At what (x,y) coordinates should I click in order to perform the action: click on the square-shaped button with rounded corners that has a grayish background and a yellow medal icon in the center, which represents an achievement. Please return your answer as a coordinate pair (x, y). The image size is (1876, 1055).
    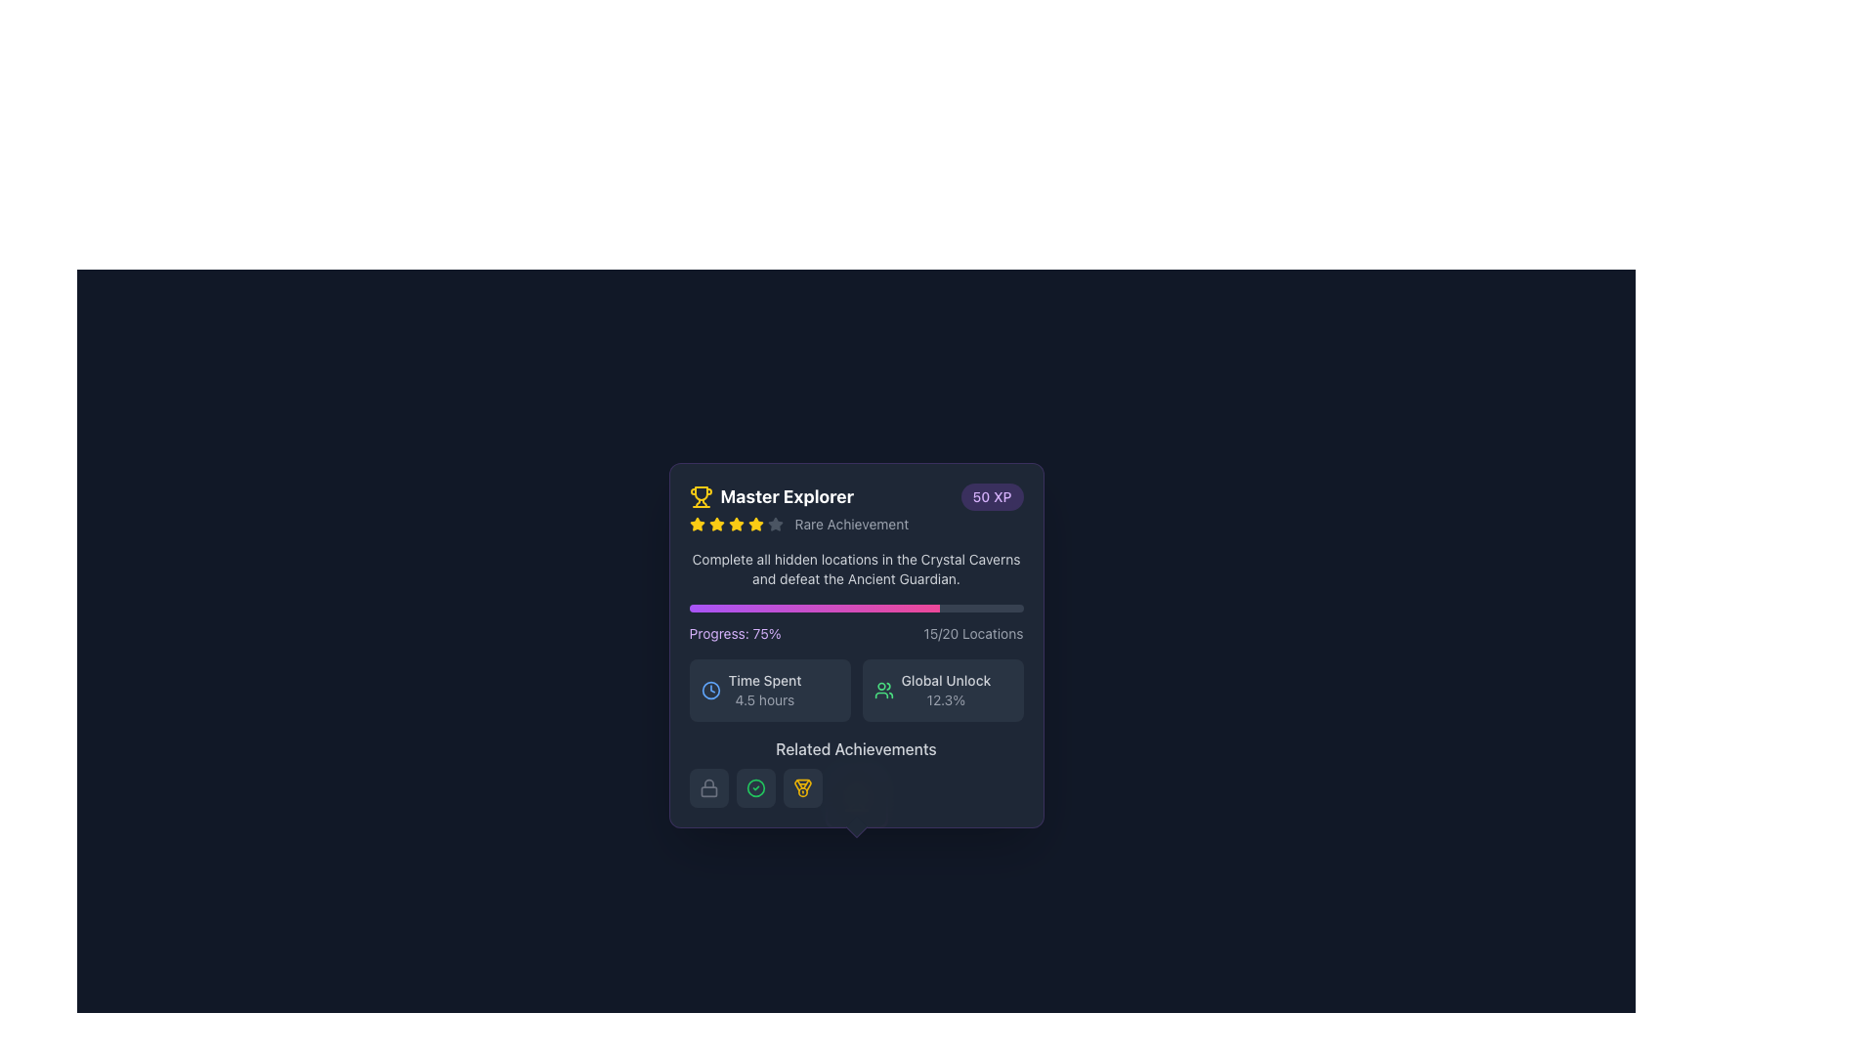
    Looking at the image, I should click on (802, 786).